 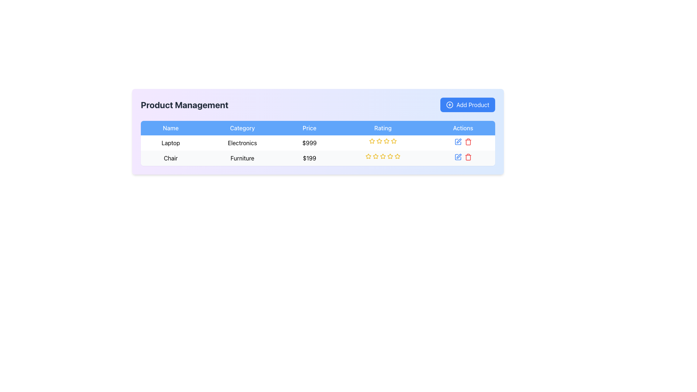 I want to click on the edit button located in the 'Actions' column of the first row in the table, so click(x=457, y=142).